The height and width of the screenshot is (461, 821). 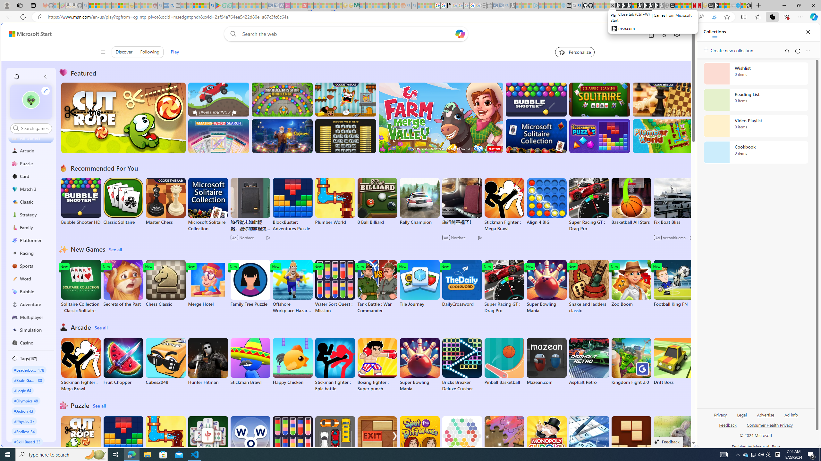 What do you see at coordinates (103, 52) in the screenshot?
I see `'Class: control icon-only'` at bounding box center [103, 52].